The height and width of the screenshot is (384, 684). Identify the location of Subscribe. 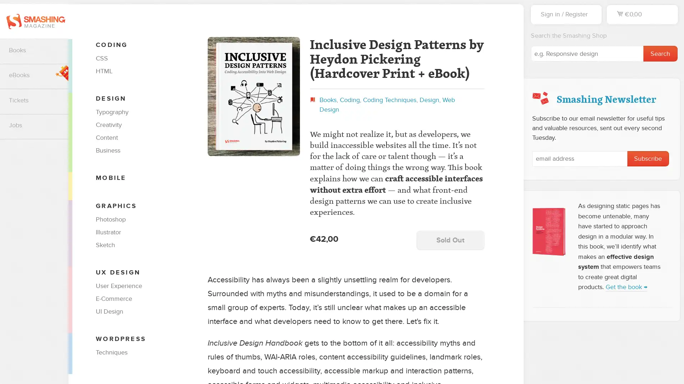
(648, 158).